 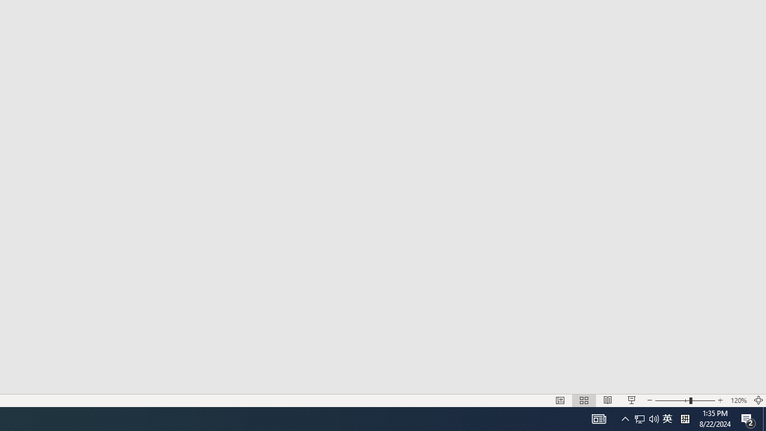 I want to click on 'Normal', so click(x=560, y=400).